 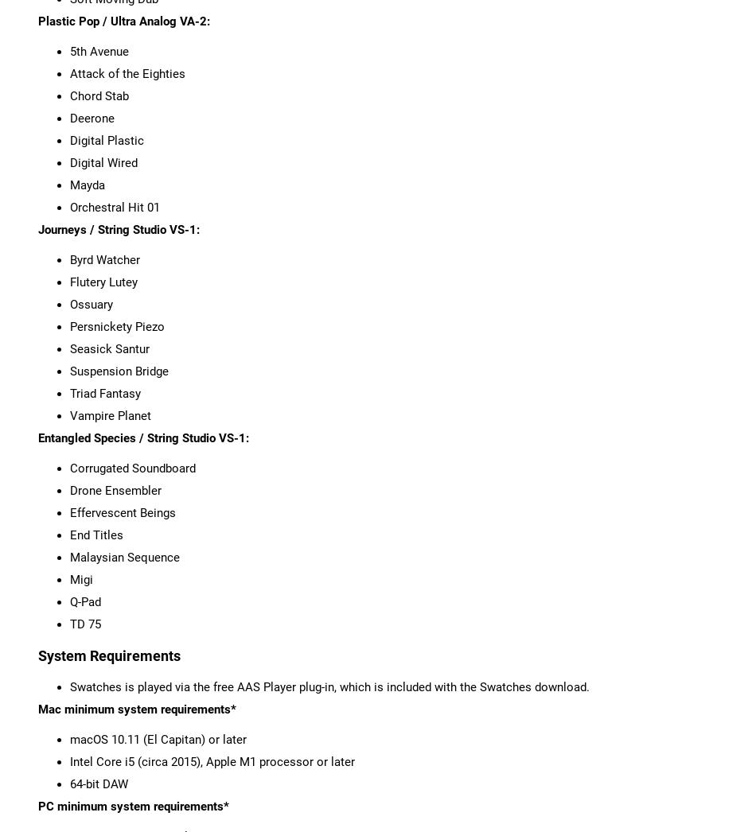 What do you see at coordinates (69, 326) in the screenshot?
I see `'Persnickety Piezo'` at bounding box center [69, 326].